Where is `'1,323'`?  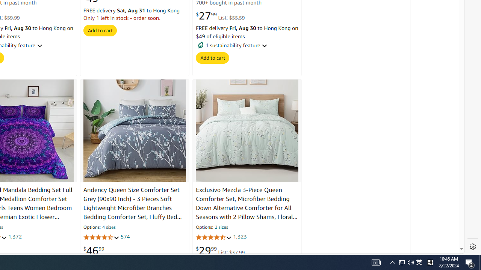
'1,323' is located at coordinates (239, 237).